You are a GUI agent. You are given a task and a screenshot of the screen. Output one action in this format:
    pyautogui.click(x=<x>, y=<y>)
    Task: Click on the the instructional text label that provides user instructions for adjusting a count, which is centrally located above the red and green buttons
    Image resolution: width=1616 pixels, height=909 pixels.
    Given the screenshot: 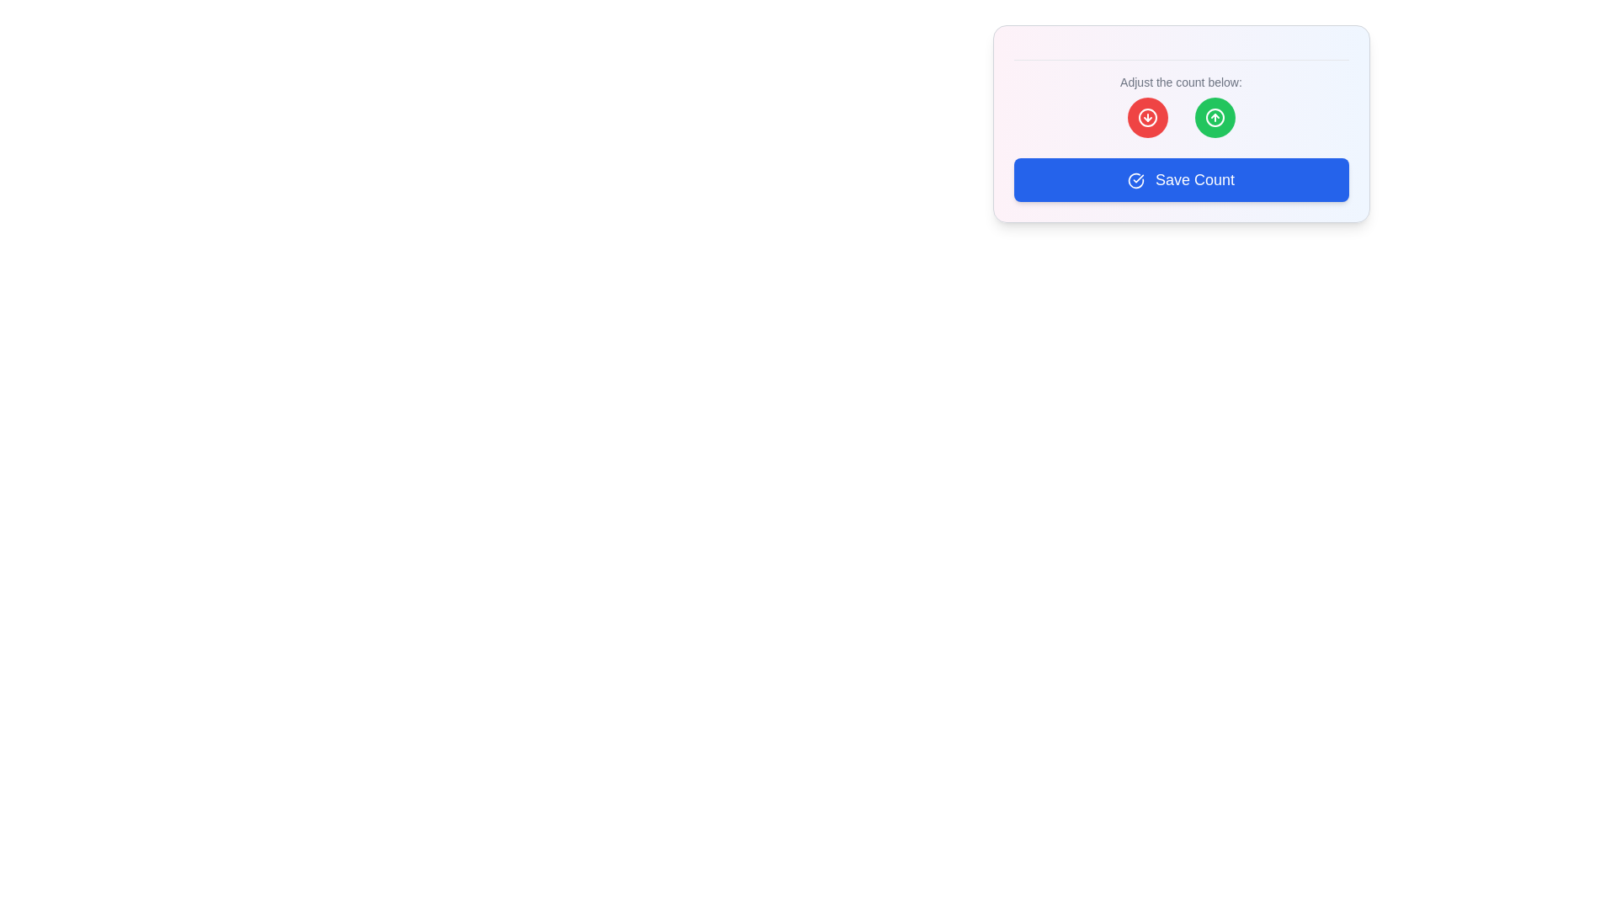 What is the action you would take?
    pyautogui.click(x=1180, y=99)
    